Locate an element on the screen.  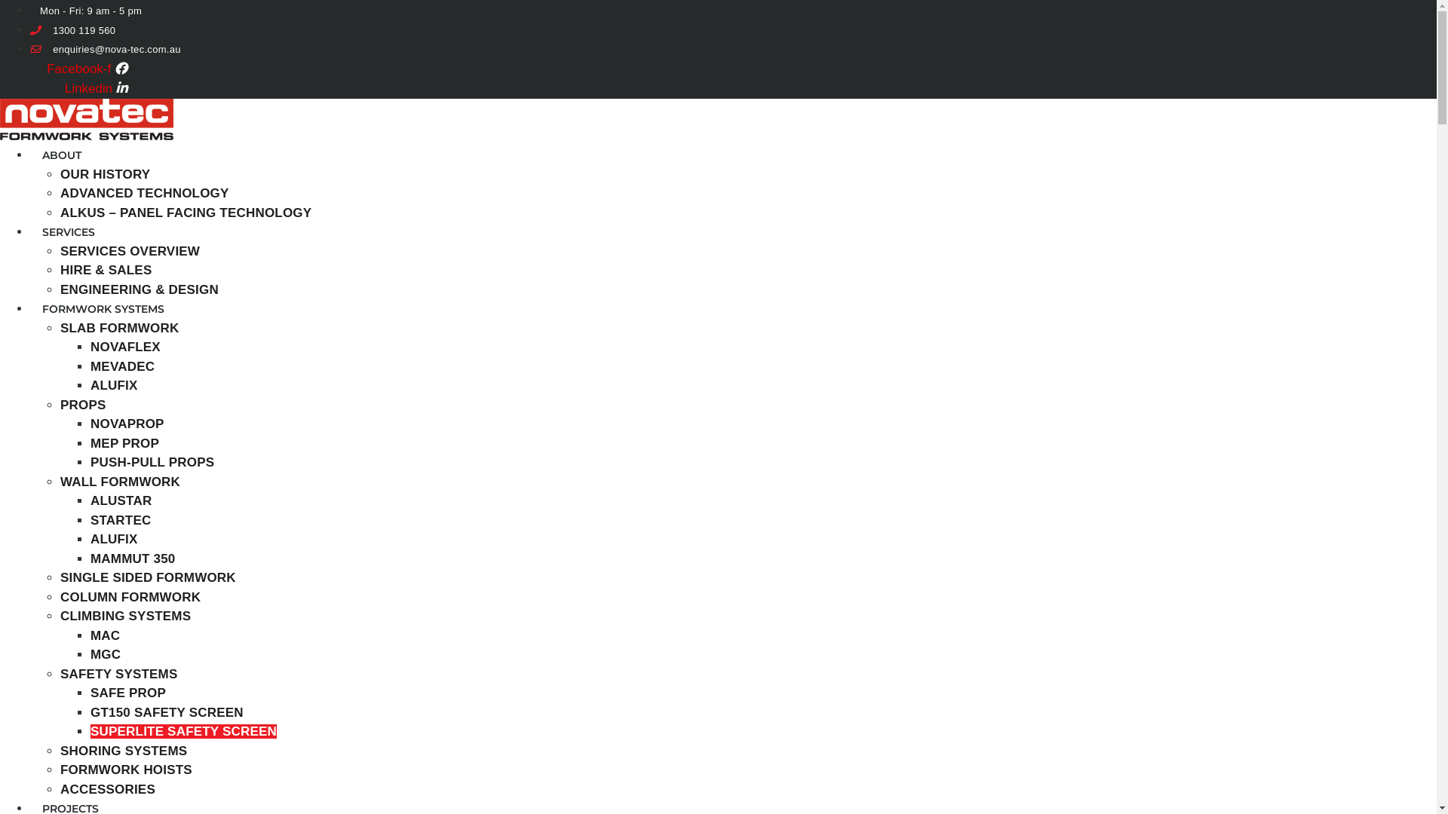
'OUR HISTORY' is located at coordinates (60, 173).